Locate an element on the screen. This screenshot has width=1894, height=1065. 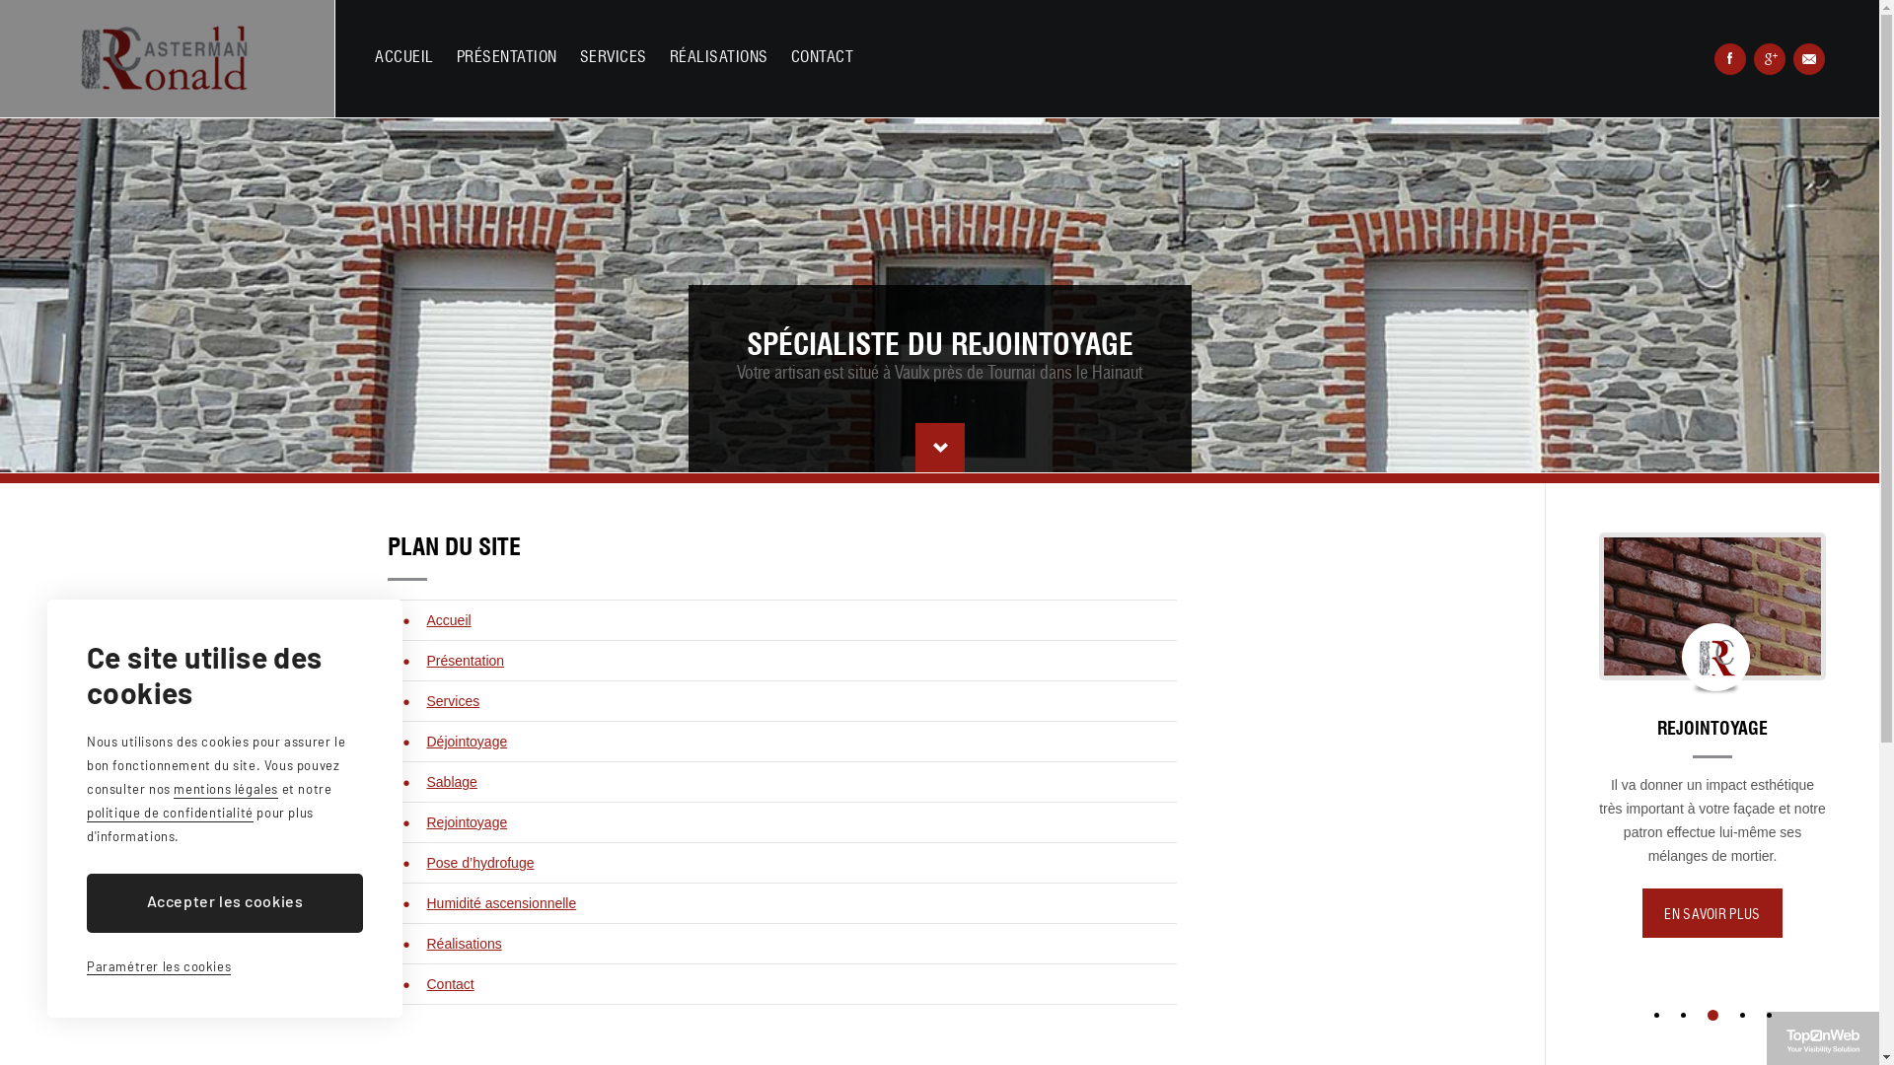
'5' is located at coordinates (1768, 1014).